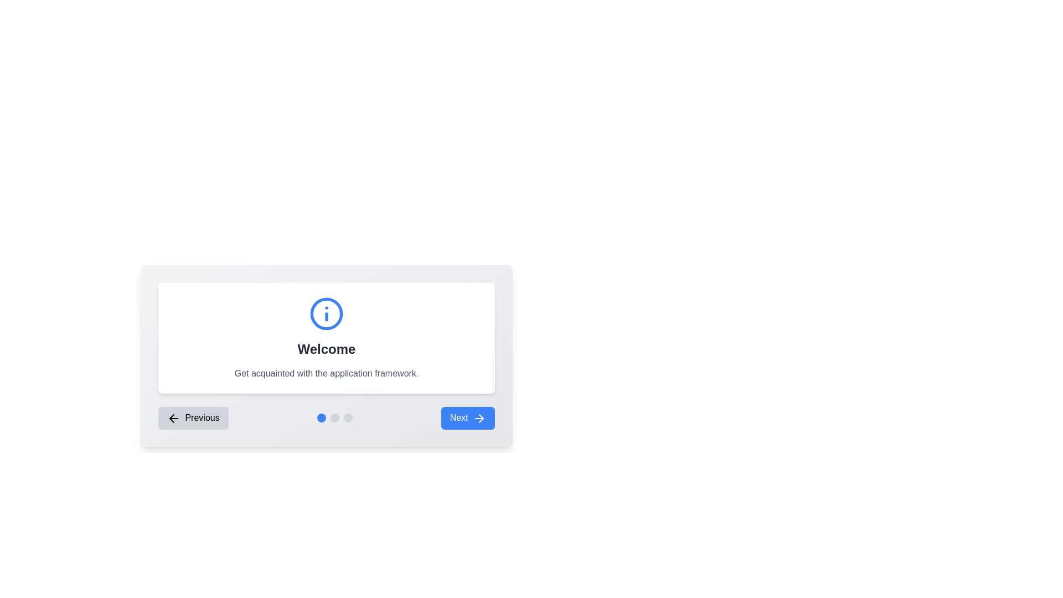 The height and width of the screenshot is (598, 1063). What do you see at coordinates (479, 418) in the screenshot?
I see `the rightward-pointing arrow icon located within the 'Next' button at the lower-right corner of the user interface` at bounding box center [479, 418].